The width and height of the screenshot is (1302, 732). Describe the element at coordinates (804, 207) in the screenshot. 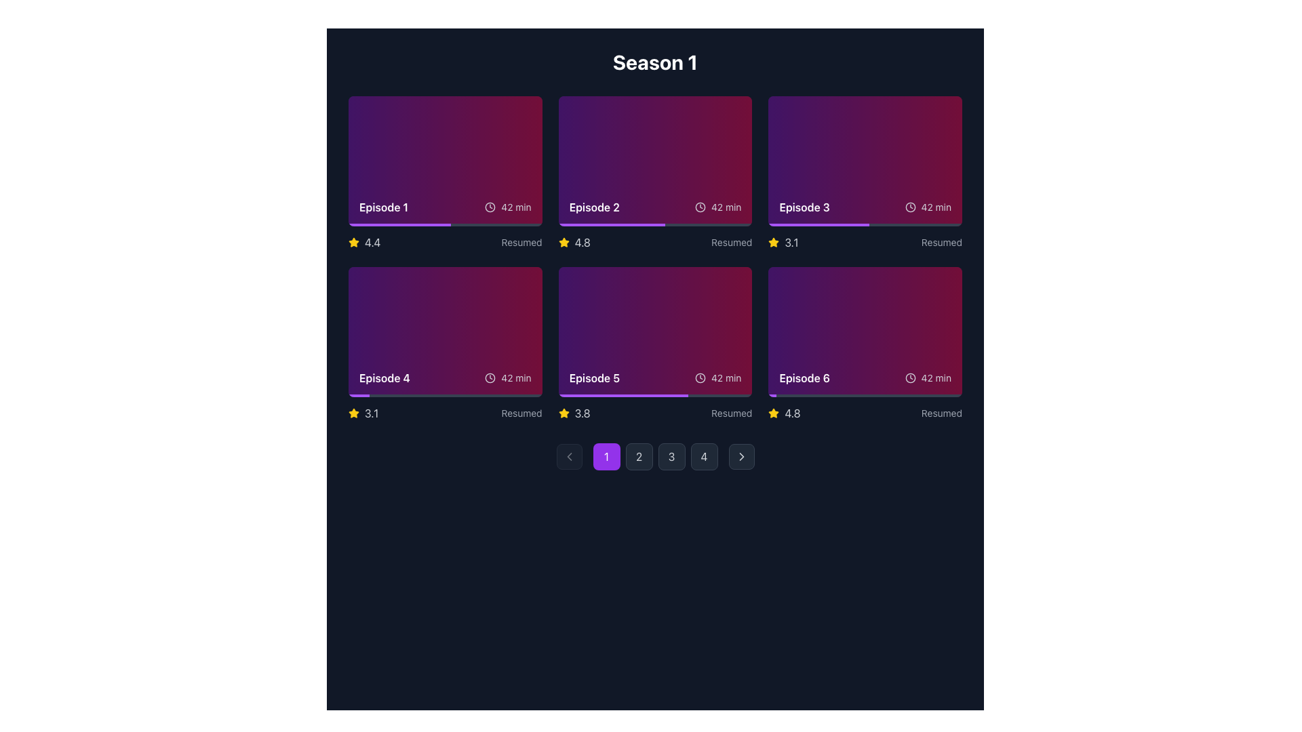

I see `Text Label indicating the specific episode in the third card of the top row, located adjacent to 'Episode 2' on the left and 'Episode 4' below` at that location.